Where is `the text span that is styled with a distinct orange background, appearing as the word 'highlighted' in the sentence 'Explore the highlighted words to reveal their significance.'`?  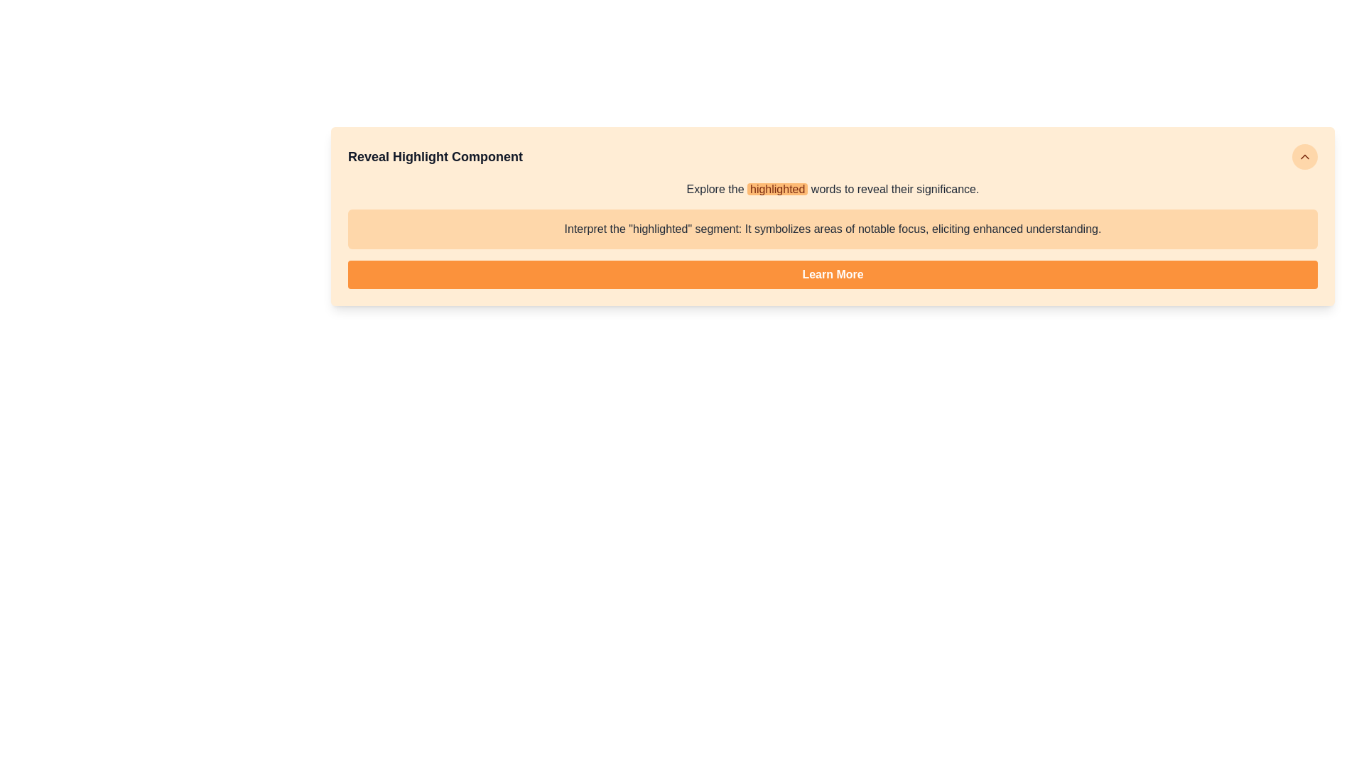 the text span that is styled with a distinct orange background, appearing as the word 'highlighted' in the sentence 'Explore the highlighted words to reveal their significance.' is located at coordinates (776, 188).